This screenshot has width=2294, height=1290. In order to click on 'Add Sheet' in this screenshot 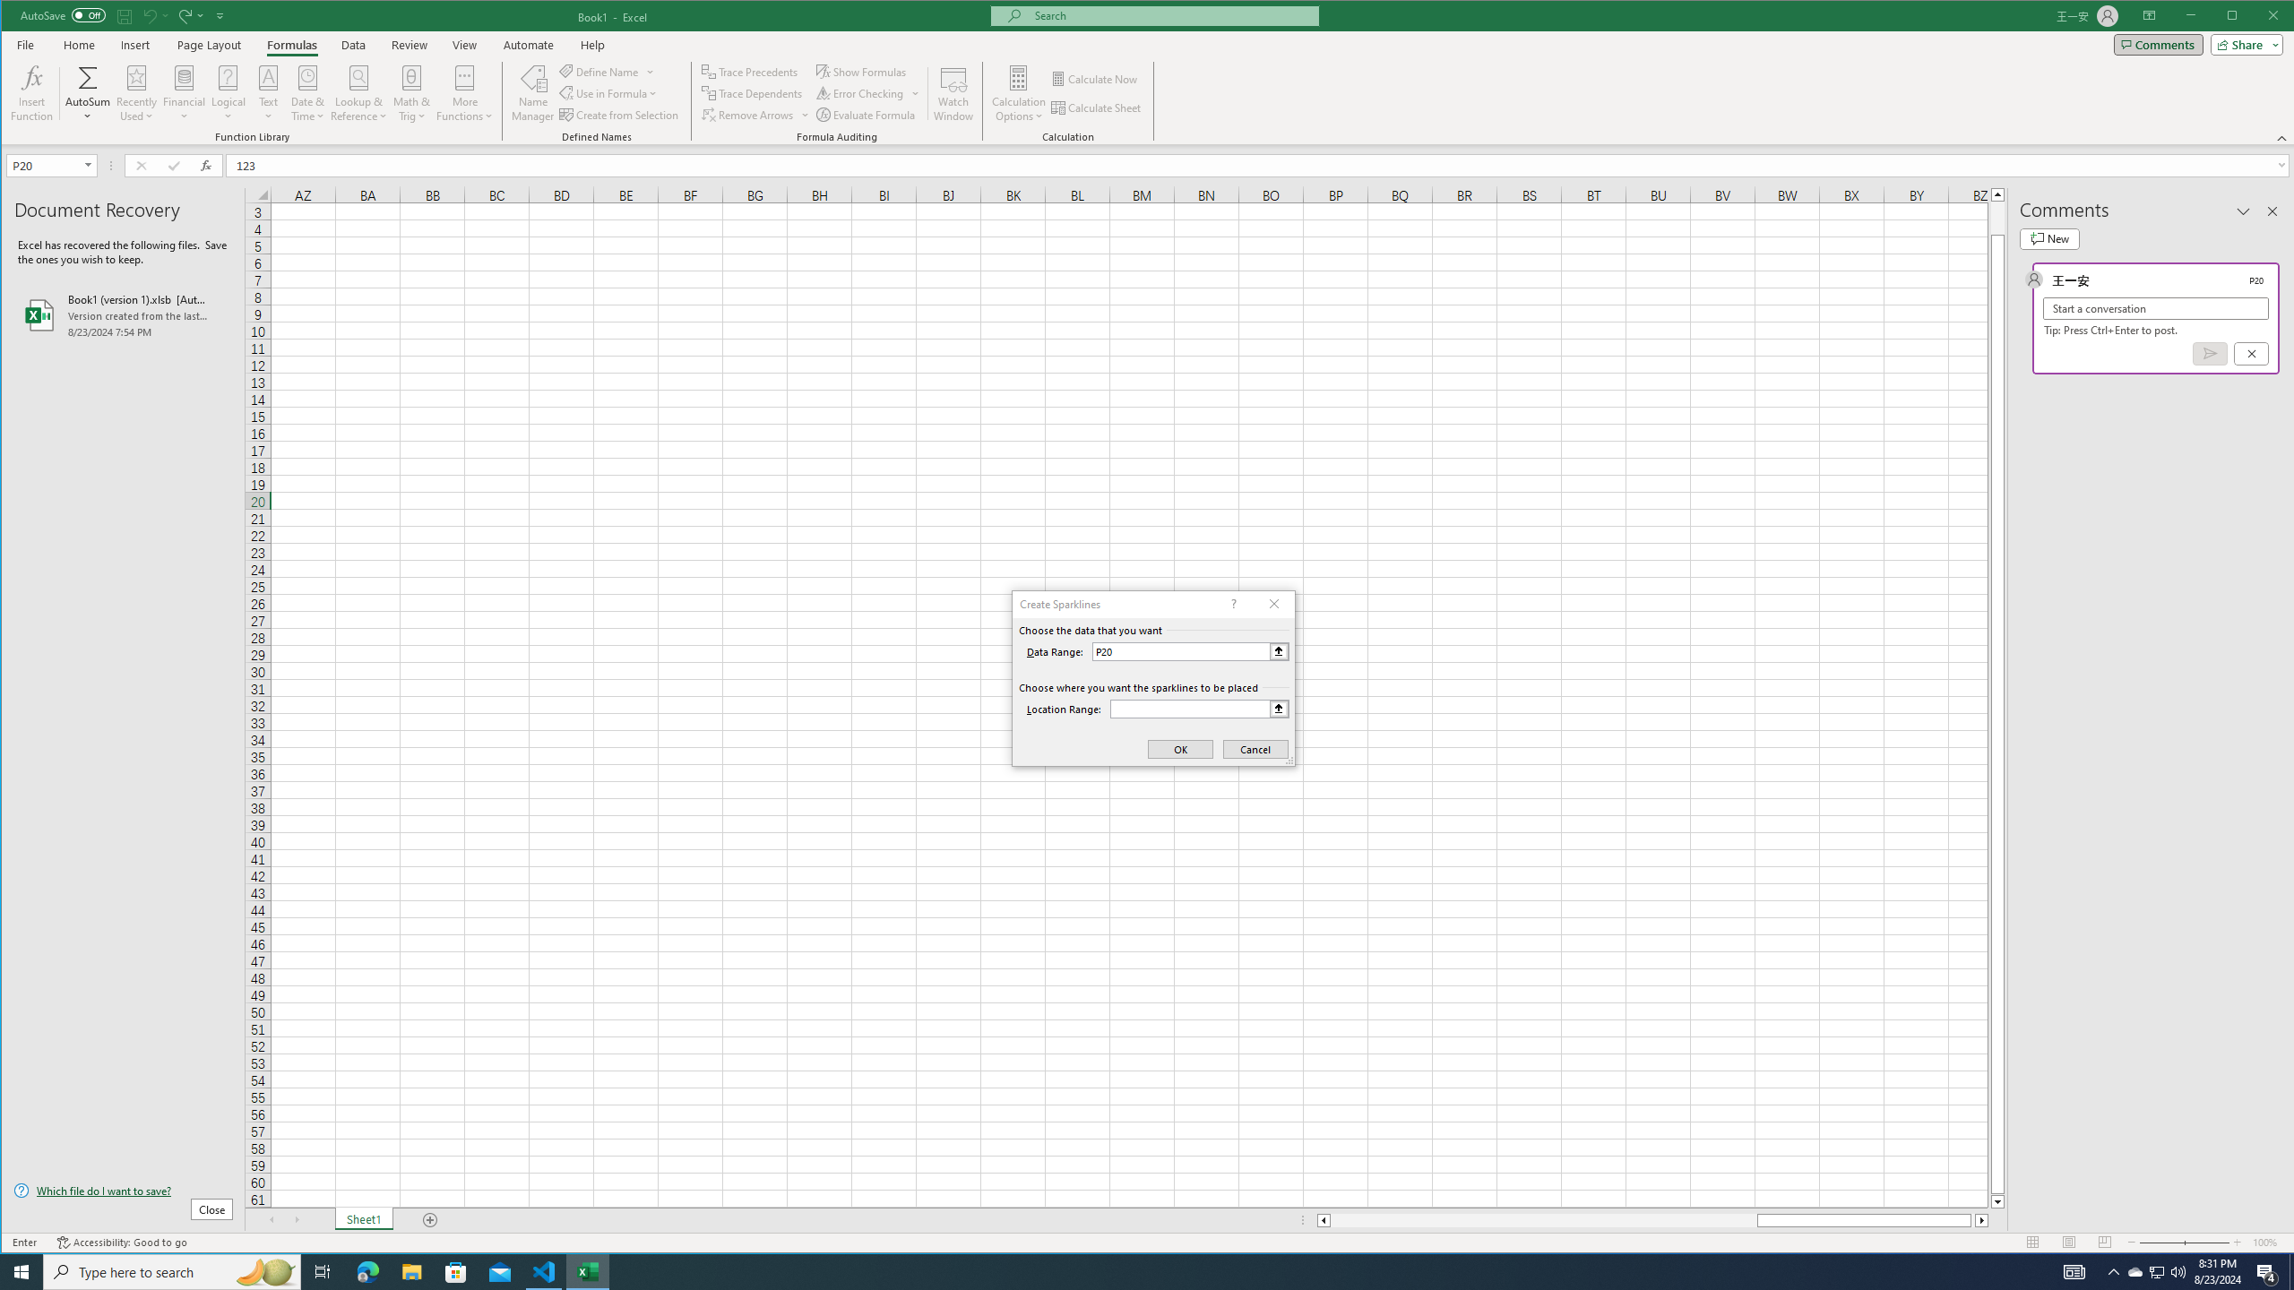, I will do `click(430, 1220)`.